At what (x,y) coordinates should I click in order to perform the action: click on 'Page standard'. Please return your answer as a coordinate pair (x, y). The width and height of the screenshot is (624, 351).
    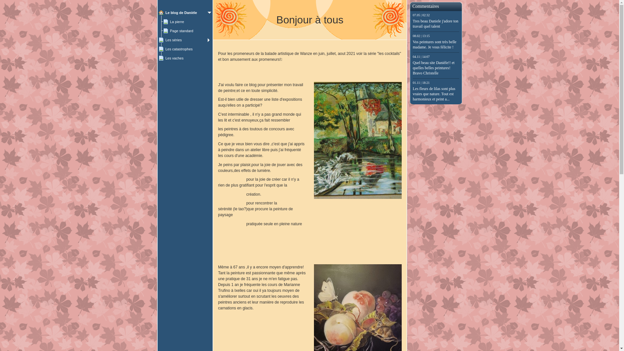
    Looking at the image, I should click on (187, 31).